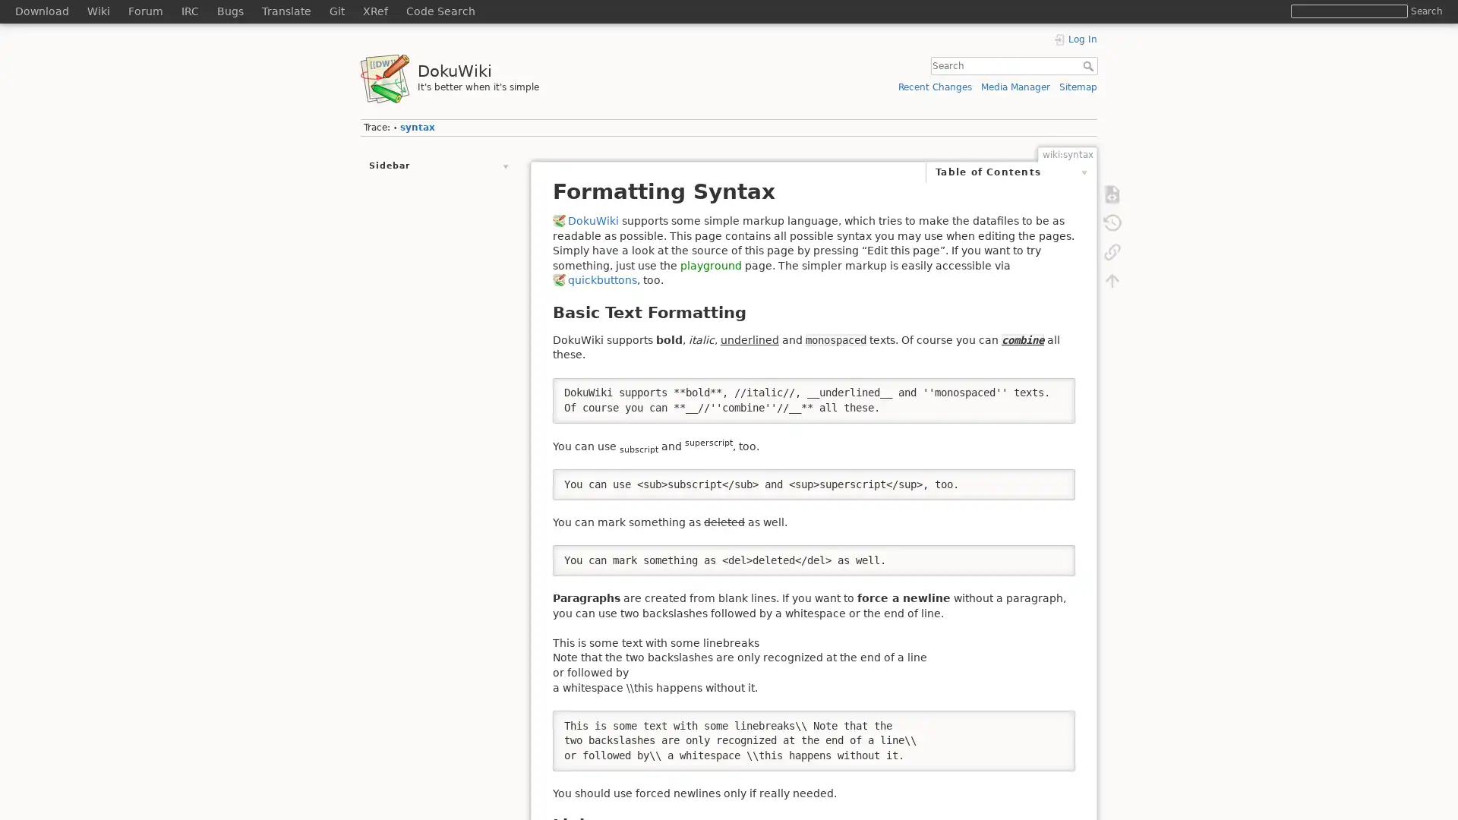 The height and width of the screenshot is (820, 1458). Describe the element at coordinates (1425, 11) in the screenshot. I see `Search` at that location.